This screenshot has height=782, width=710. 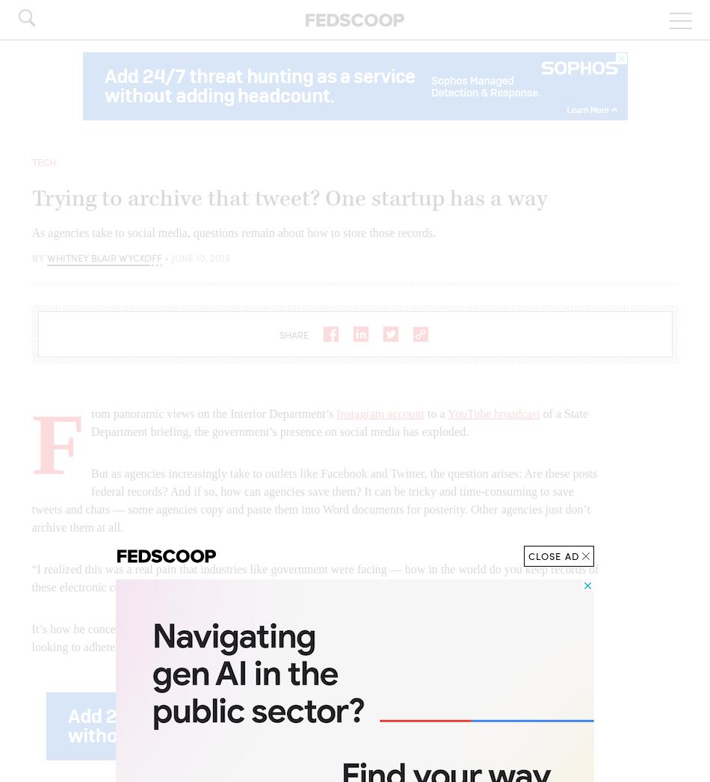 I want to click on 'It’s how he conceived North Carolina-based startup Archive Social, which has emerged as an option for agencies looking to adhere to records rules and still have an active social media presence.', so click(x=300, y=637).